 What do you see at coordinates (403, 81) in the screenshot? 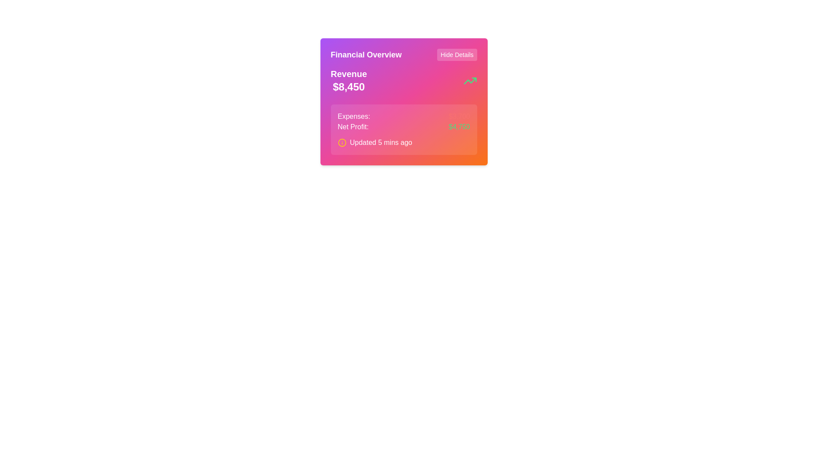
I see `the 'Revenue' text display element with an upward trending icon for accessibility` at bounding box center [403, 81].